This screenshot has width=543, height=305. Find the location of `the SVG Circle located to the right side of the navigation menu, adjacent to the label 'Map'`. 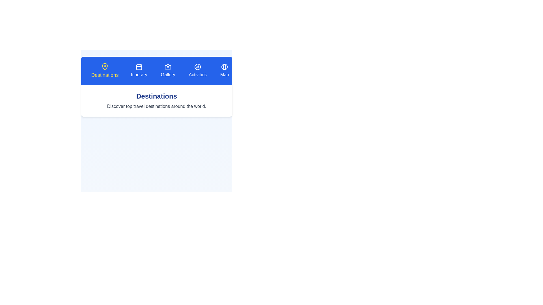

the SVG Circle located to the right side of the navigation menu, adjacent to the label 'Map' is located at coordinates (224, 66).